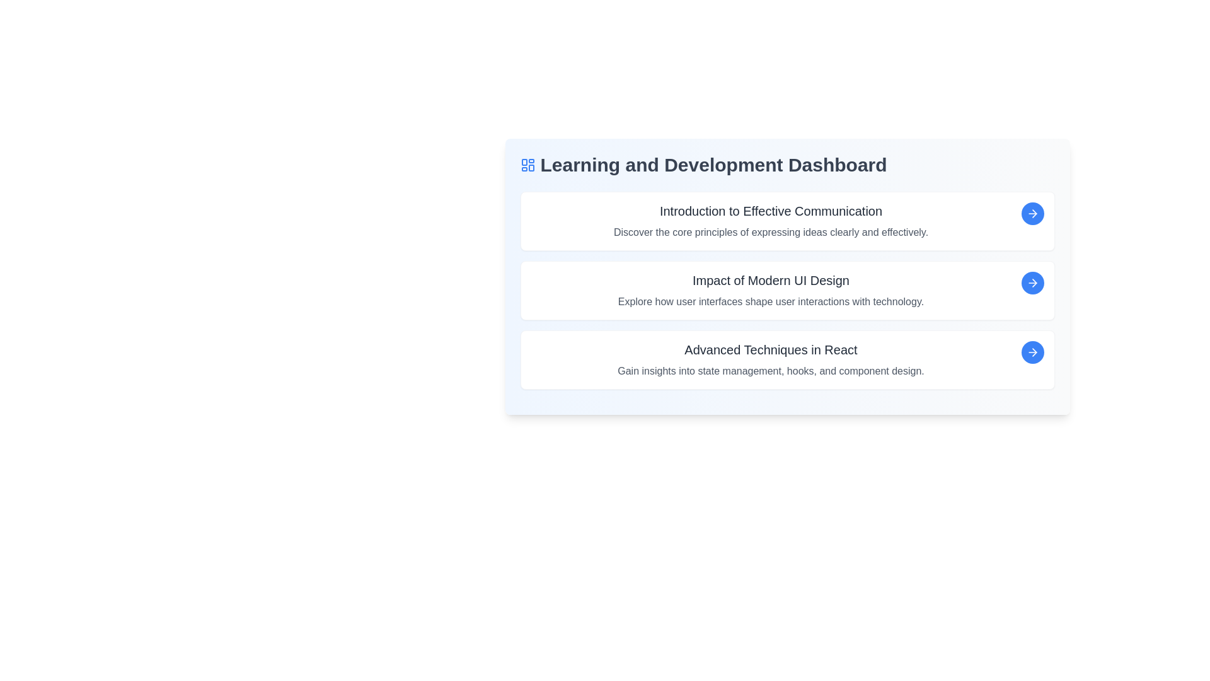  Describe the element at coordinates (770, 233) in the screenshot. I see `text block that provides a brief description or subtitle for the topic 'Introduction to Effective Communication', located directly beneath the heading of the same name` at that location.